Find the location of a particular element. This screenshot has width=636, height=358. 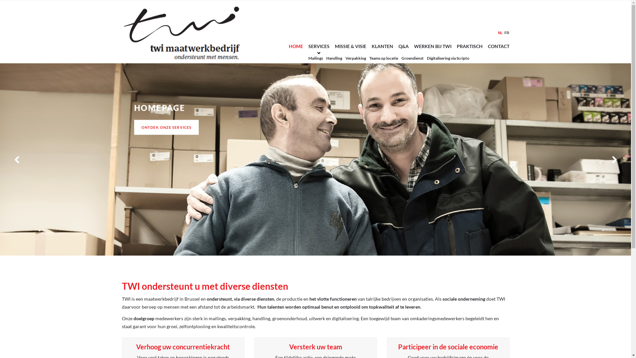

'Verpakking' is located at coordinates (357, 57).